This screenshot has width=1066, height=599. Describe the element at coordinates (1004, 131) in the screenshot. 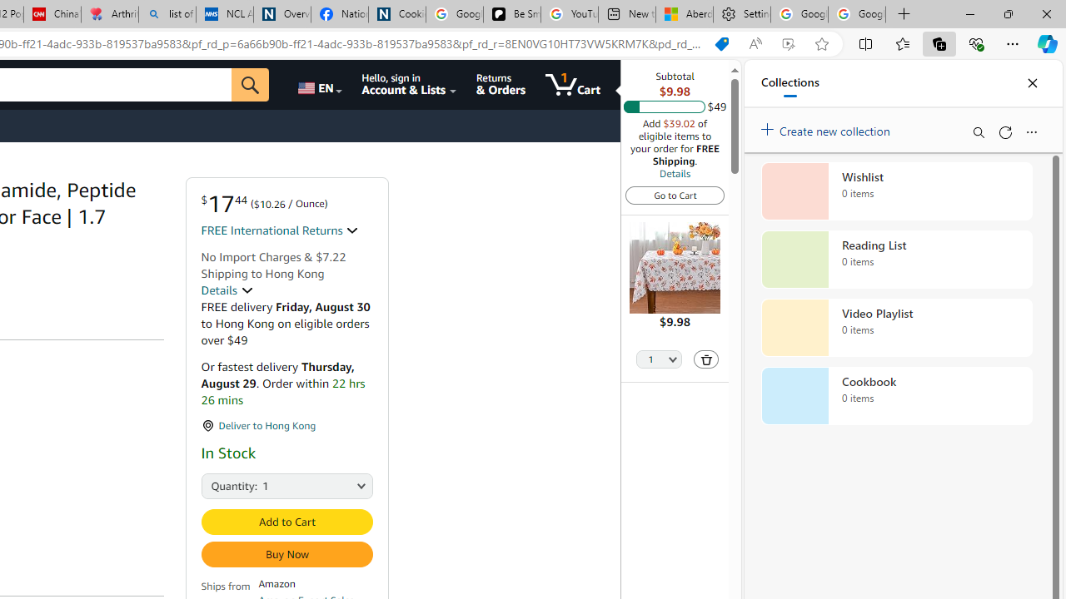

I see `'Refresh'` at that location.